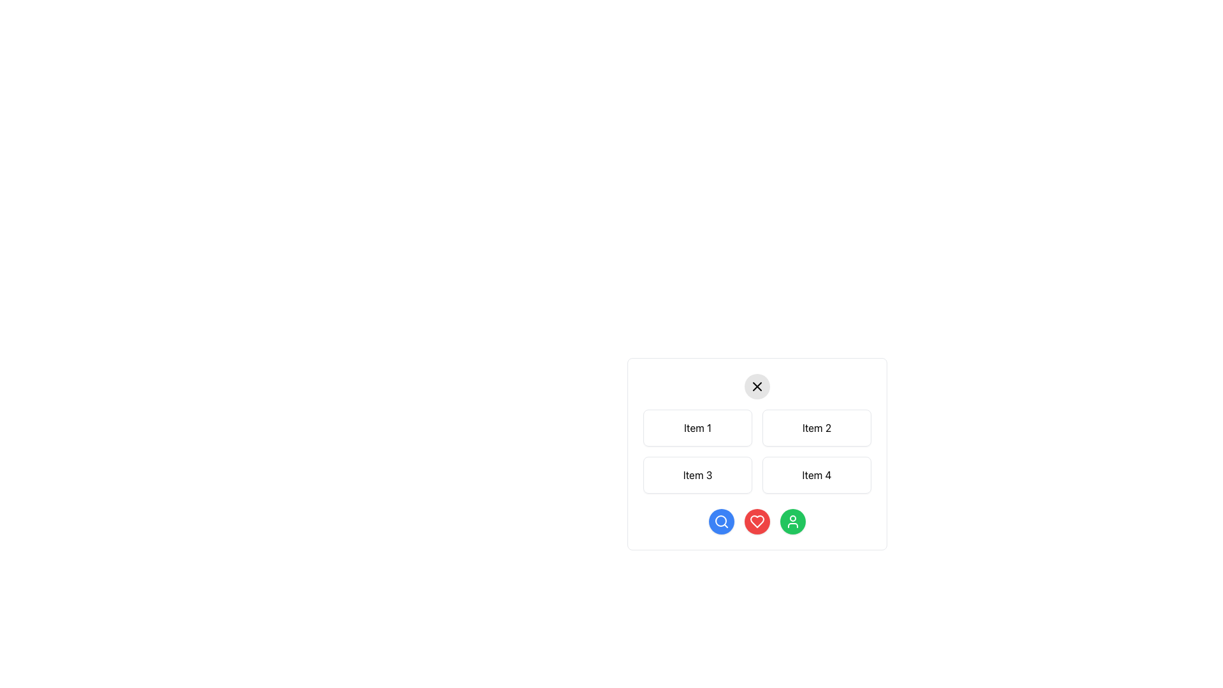  Describe the element at coordinates (792, 521) in the screenshot. I see `the user silhouette icon button with a green circular background` at that location.